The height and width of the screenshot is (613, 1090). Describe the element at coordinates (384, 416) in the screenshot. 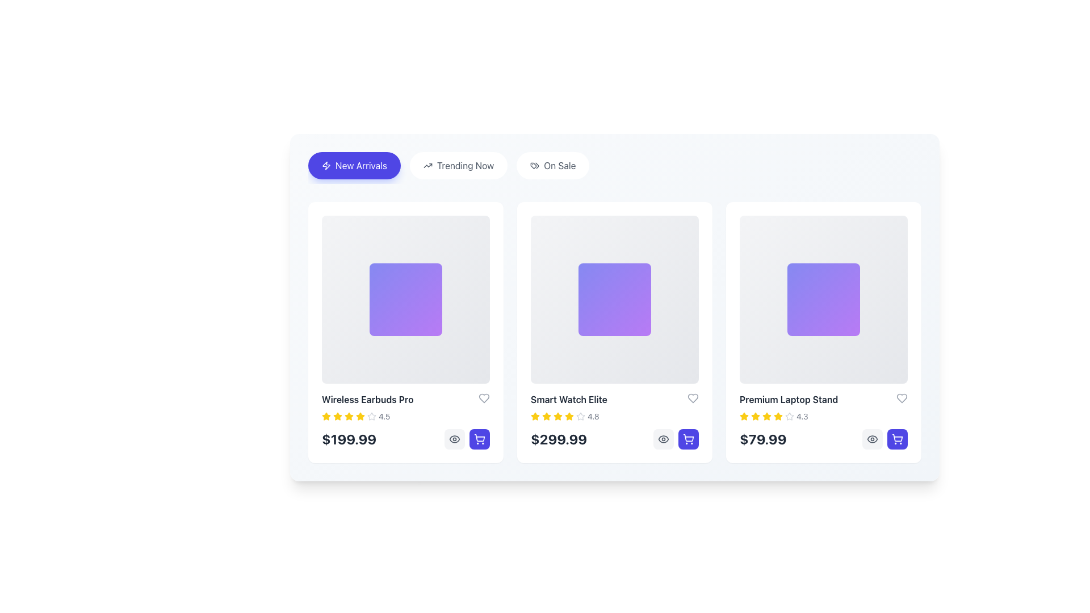

I see `the text label displaying the numeric value '4.5' styled in a small, gray font, which is located next to graphical star icons in the product details section beneath the image for 'Wireless Earbuds Pro'` at that location.